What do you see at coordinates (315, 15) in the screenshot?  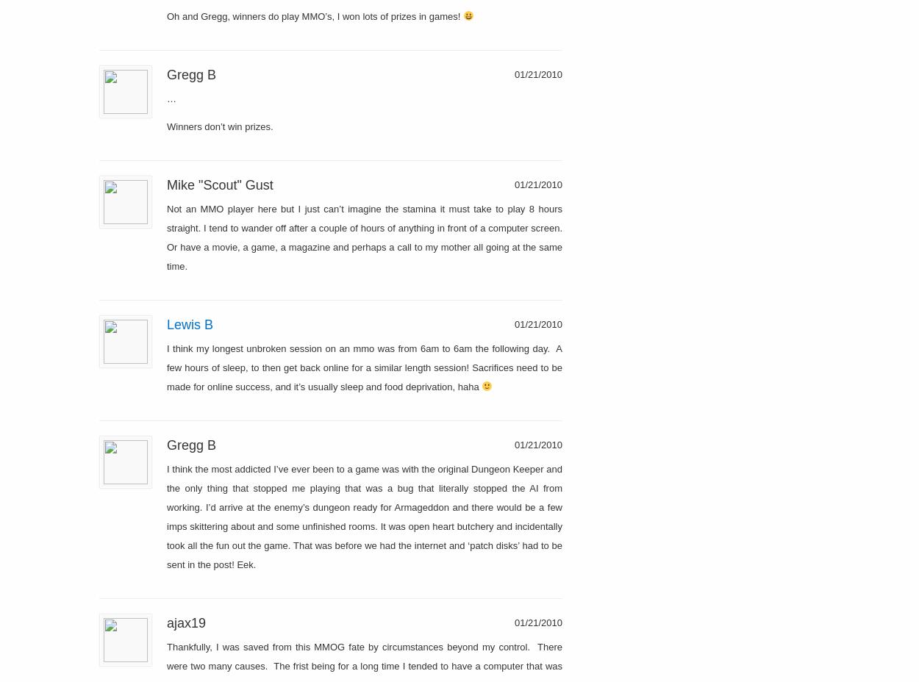 I see `'Oh and Gregg, winners do play MMO’s, I won lots of prizes in games!'` at bounding box center [315, 15].